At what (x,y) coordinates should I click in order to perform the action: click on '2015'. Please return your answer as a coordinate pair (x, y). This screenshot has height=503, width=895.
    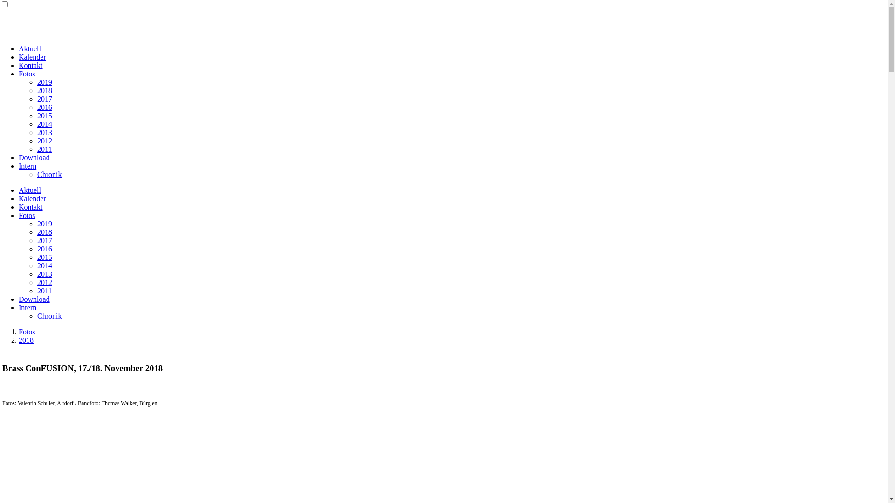
    Looking at the image, I should click on (44, 257).